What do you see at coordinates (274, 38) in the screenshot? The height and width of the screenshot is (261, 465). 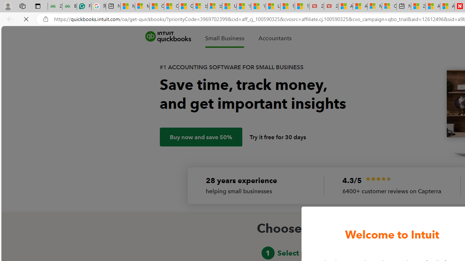 I see `'Accountants'` at bounding box center [274, 38].